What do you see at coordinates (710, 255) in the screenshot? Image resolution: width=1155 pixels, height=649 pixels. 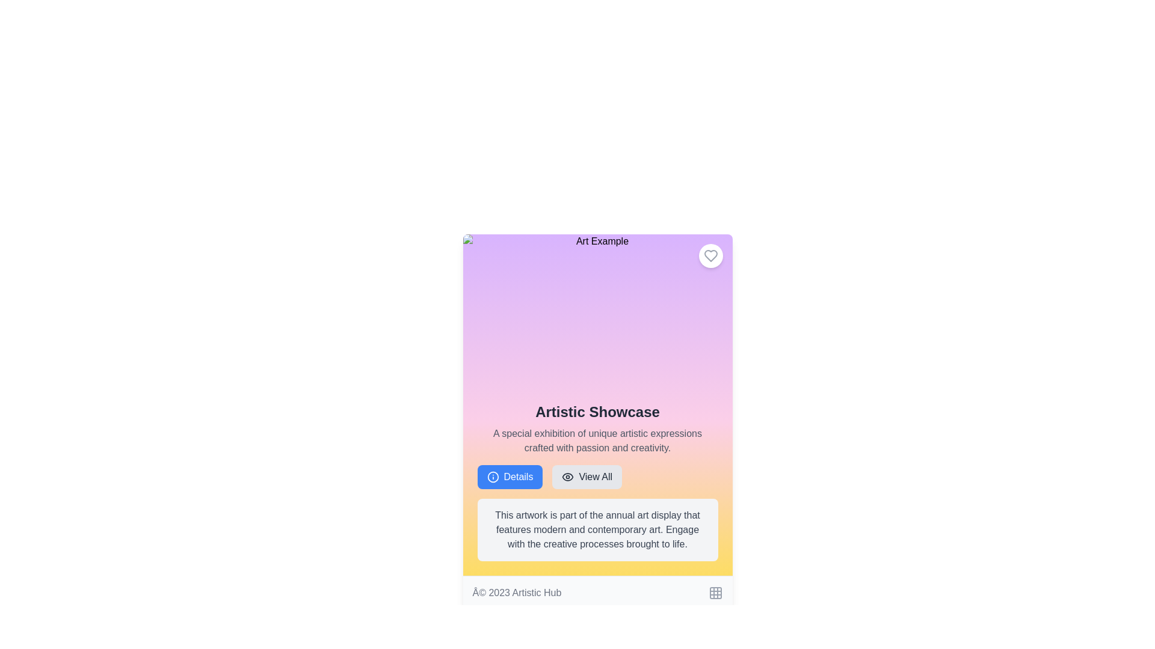 I see `the heart-shaped icon located in the top-right corner of the 'Art Example' card, which represents a 'like' or 'favorite' action` at bounding box center [710, 255].